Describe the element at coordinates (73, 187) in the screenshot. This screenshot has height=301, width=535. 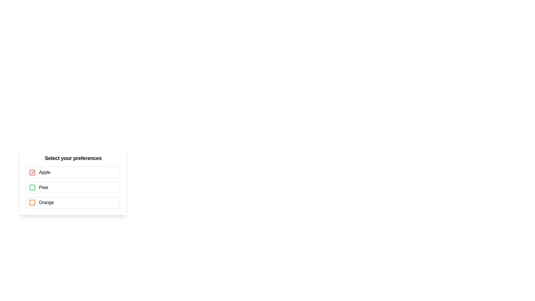
I see `the checkbox of the second list item labeled 'Pear'` at that location.